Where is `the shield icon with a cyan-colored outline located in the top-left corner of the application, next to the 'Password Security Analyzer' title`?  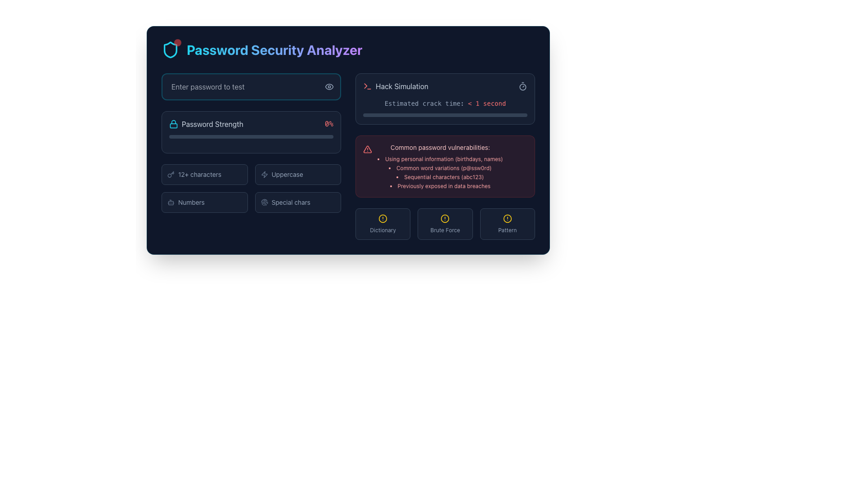 the shield icon with a cyan-colored outline located in the top-left corner of the application, next to the 'Password Security Analyzer' title is located at coordinates (171, 50).